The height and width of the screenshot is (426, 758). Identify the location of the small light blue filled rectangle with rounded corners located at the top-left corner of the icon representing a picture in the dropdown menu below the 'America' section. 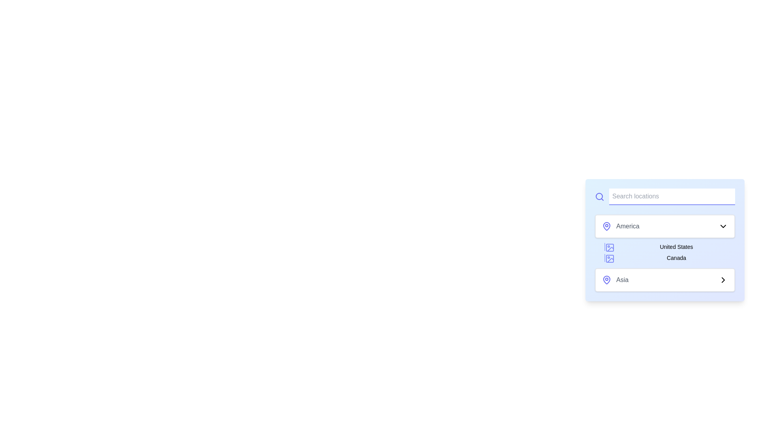
(610, 258).